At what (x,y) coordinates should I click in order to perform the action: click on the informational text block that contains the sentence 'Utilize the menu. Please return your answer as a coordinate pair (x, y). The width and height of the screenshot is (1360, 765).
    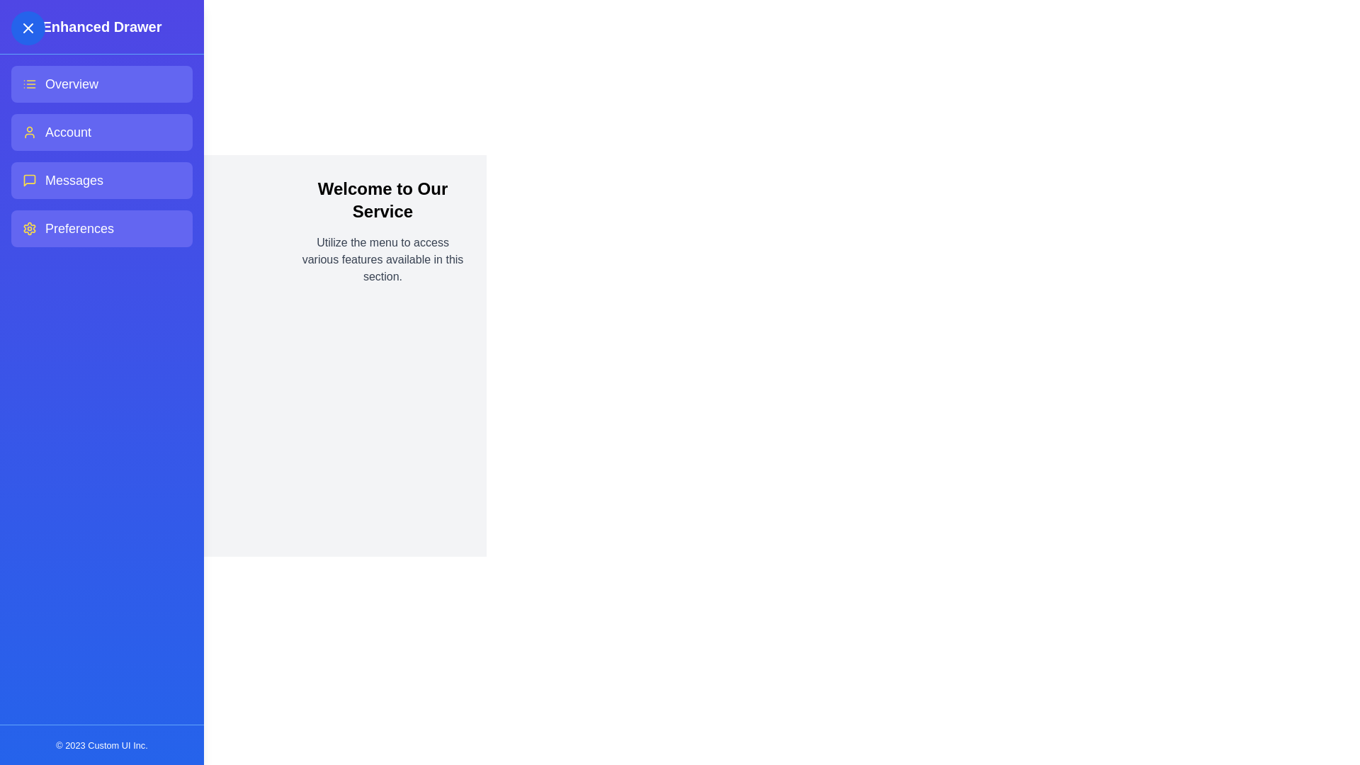
    Looking at the image, I should click on (382, 259).